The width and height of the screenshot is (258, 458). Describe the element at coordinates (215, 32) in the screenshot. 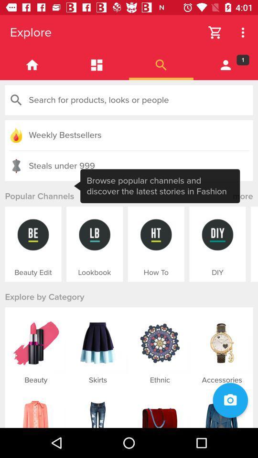

I see `shopping cart` at that location.